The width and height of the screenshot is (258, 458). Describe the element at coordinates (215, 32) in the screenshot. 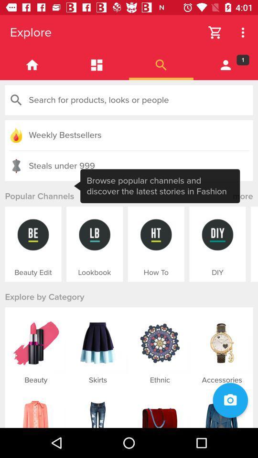

I see `shopping cart` at that location.